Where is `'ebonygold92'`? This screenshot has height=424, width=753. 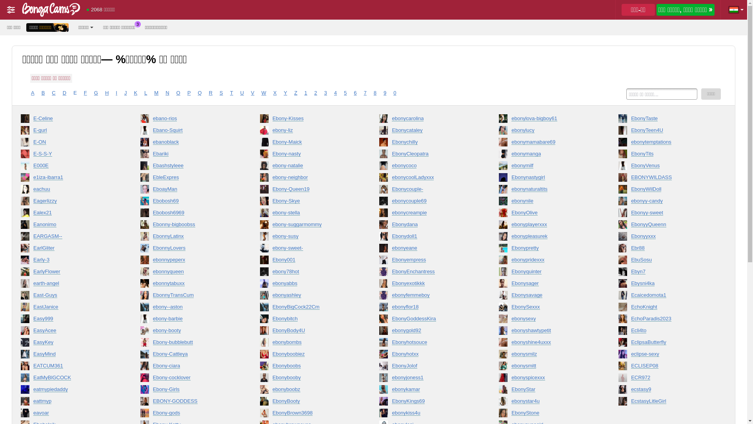
'ebonygold92' is located at coordinates (379, 332).